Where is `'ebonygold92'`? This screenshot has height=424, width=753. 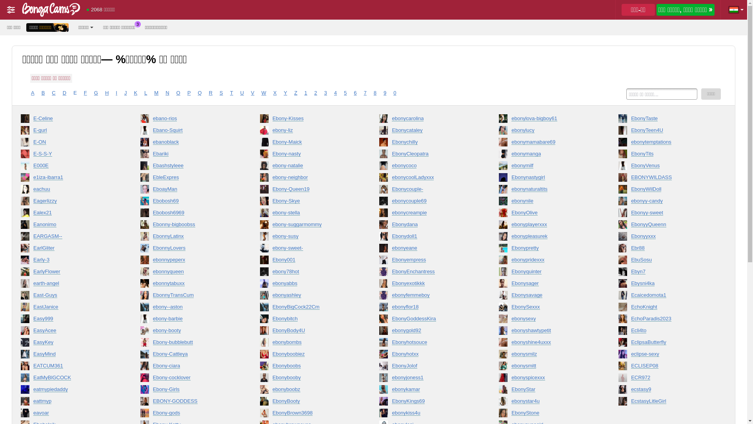
'ebonygold92' is located at coordinates (379, 332).